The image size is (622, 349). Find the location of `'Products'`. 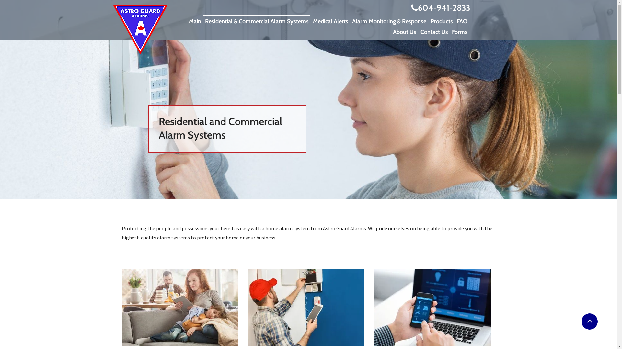

'Products' is located at coordinates (429, 20).